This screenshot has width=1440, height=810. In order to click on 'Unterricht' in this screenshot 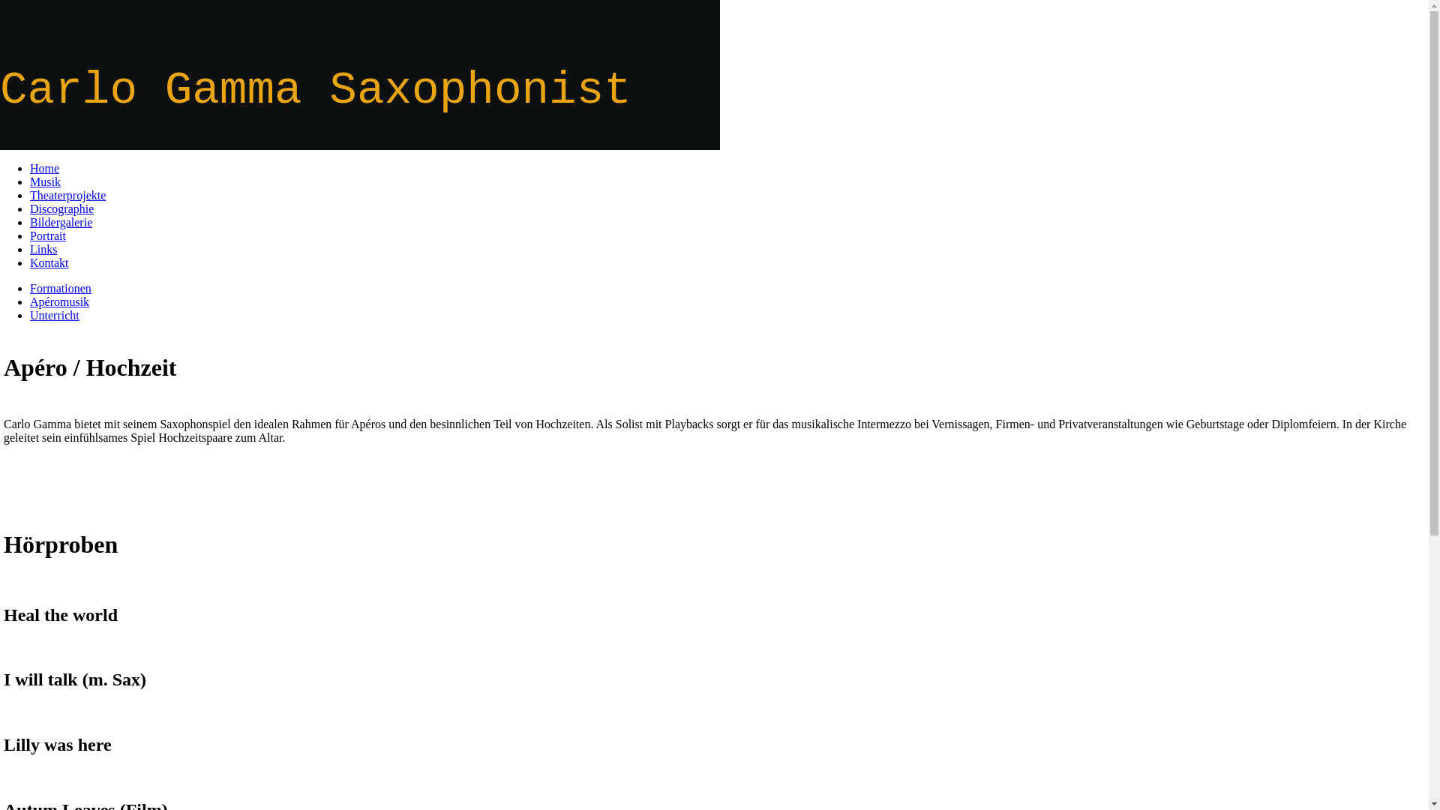, I will do `click(29, 314)`.